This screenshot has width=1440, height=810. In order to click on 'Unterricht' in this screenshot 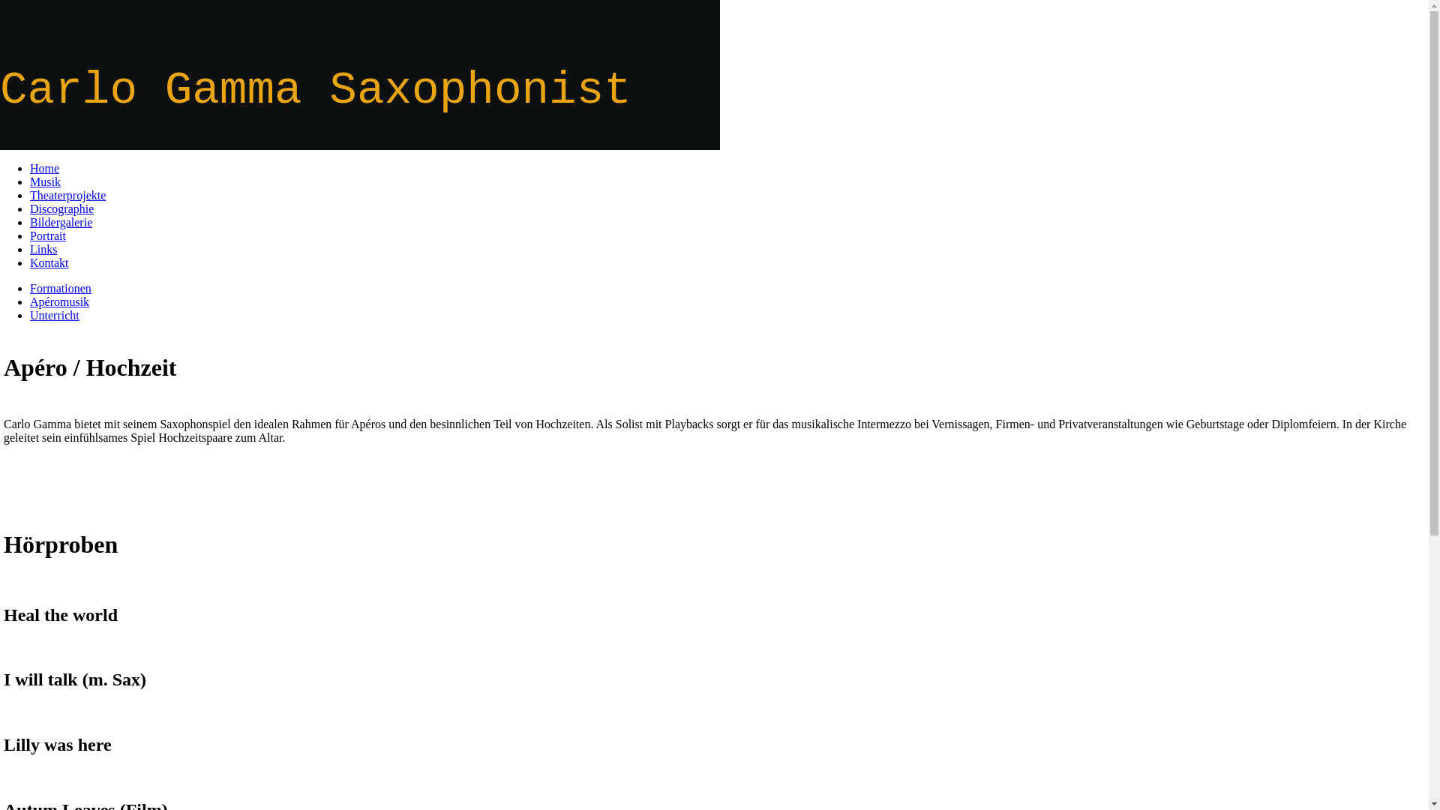, I will do `click(29, 314)`.